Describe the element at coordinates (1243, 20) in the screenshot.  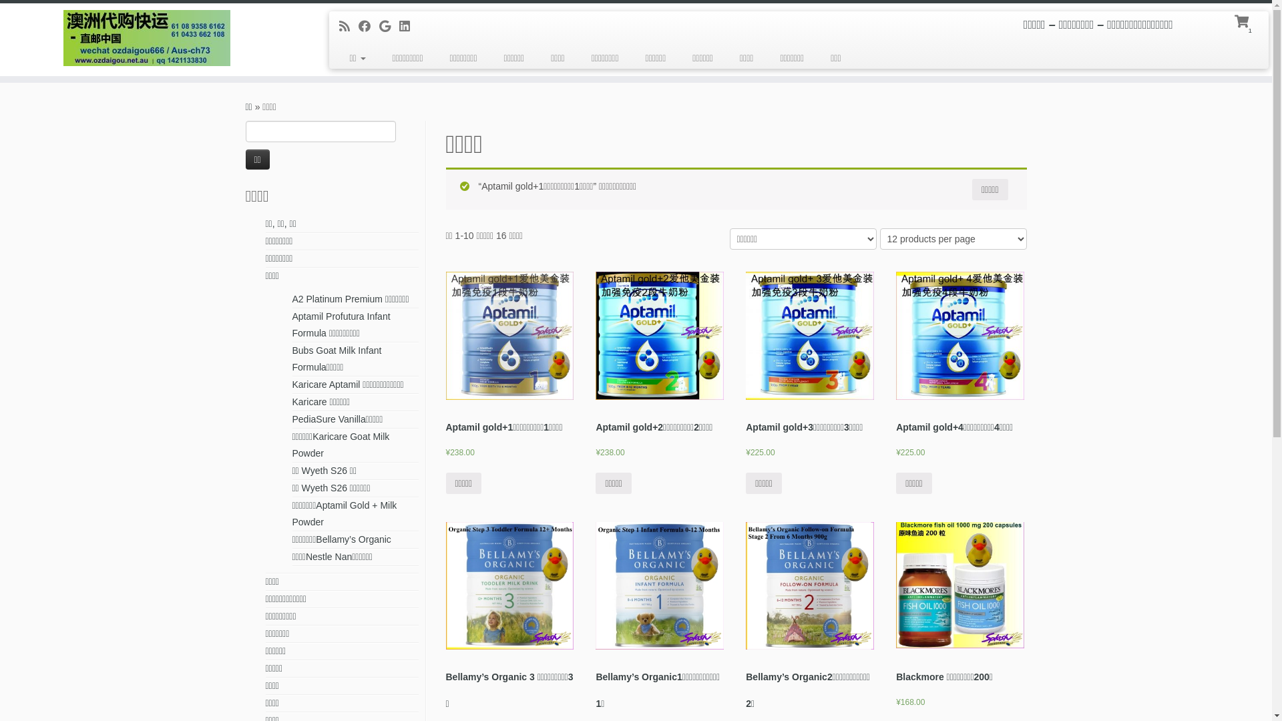
I see `'1'` at that location.